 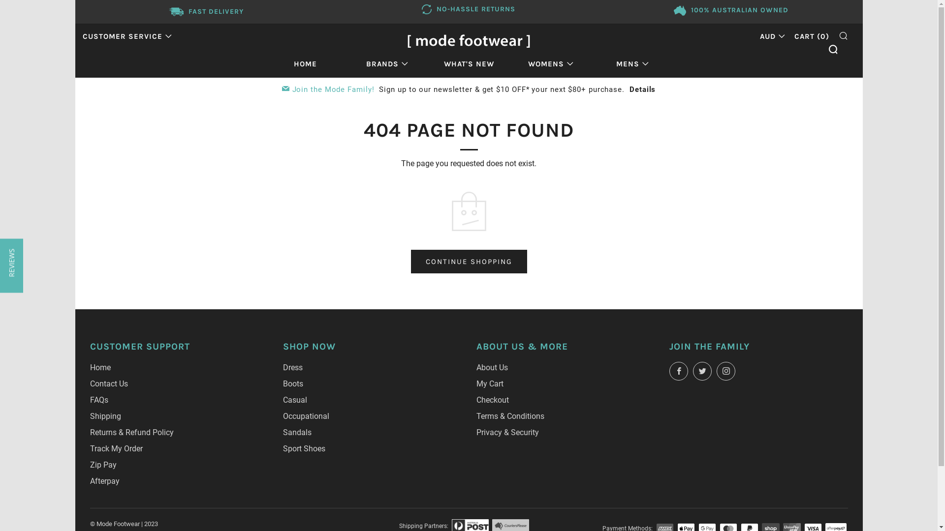 I want to click on 'Afterpay', so click(x=104, y=480).